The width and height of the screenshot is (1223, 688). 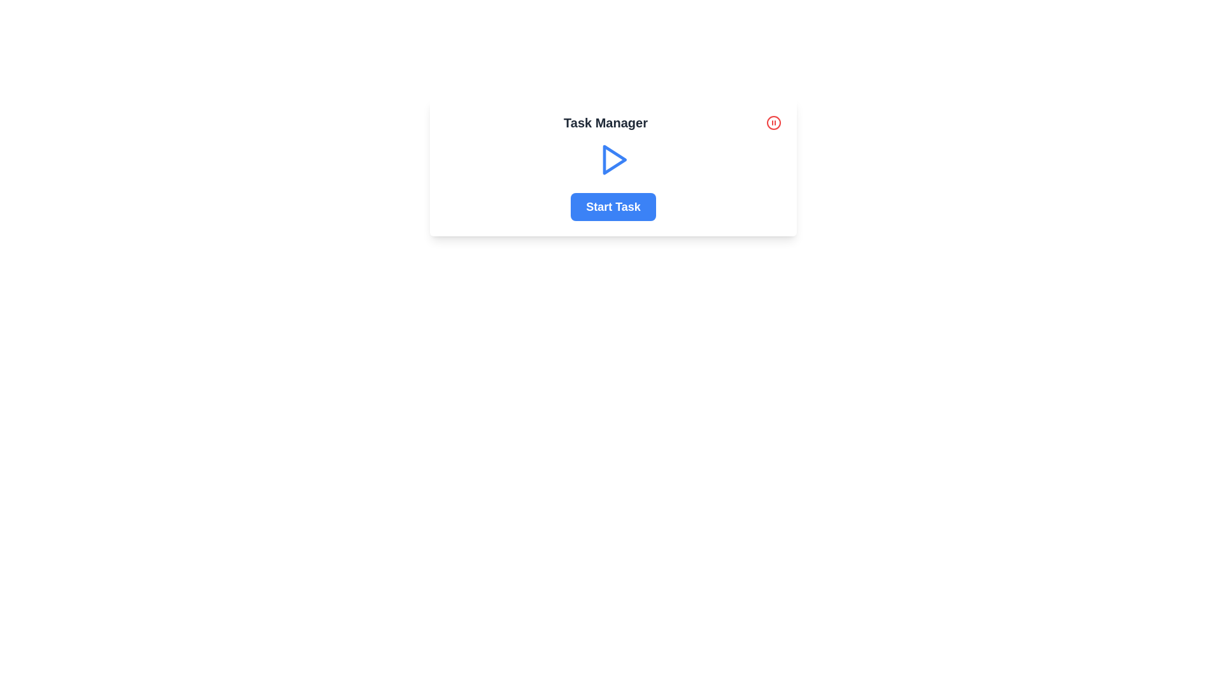 What do you see at coordinates (613, 206) in the screenshot?
I see `the 'Start Task' button with rounded edges, blue background, and white bold text` at bounding box center [613, 206].